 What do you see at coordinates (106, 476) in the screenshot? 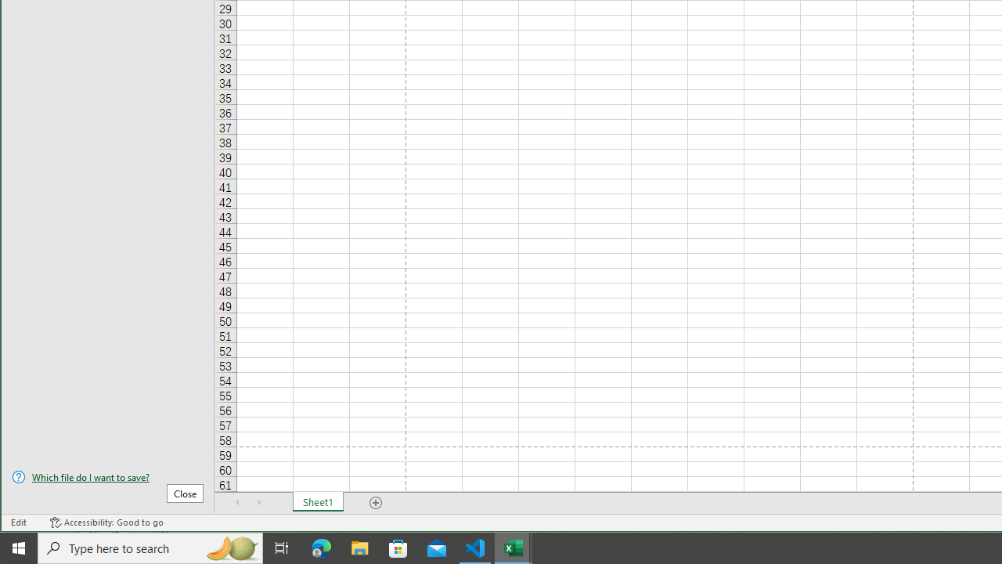
I see `'Which file do I want to save?'` at bounding box center [106, 476].